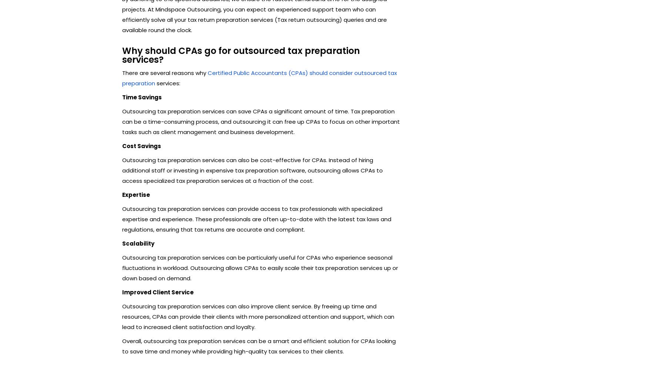 The height and width of the screenshot is (373, 672). I want to click on 'Time Savings', so click(142, 97).